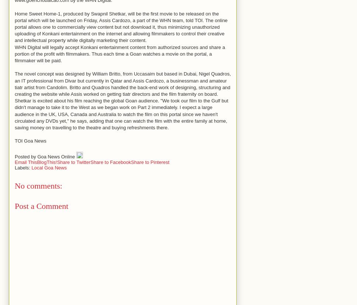 This screenshot has height=305, width=357. What do you see at coordinates (73, 162) in the screenshot?
I see `'Share to Twitter'` at bounding box center [73, 162].